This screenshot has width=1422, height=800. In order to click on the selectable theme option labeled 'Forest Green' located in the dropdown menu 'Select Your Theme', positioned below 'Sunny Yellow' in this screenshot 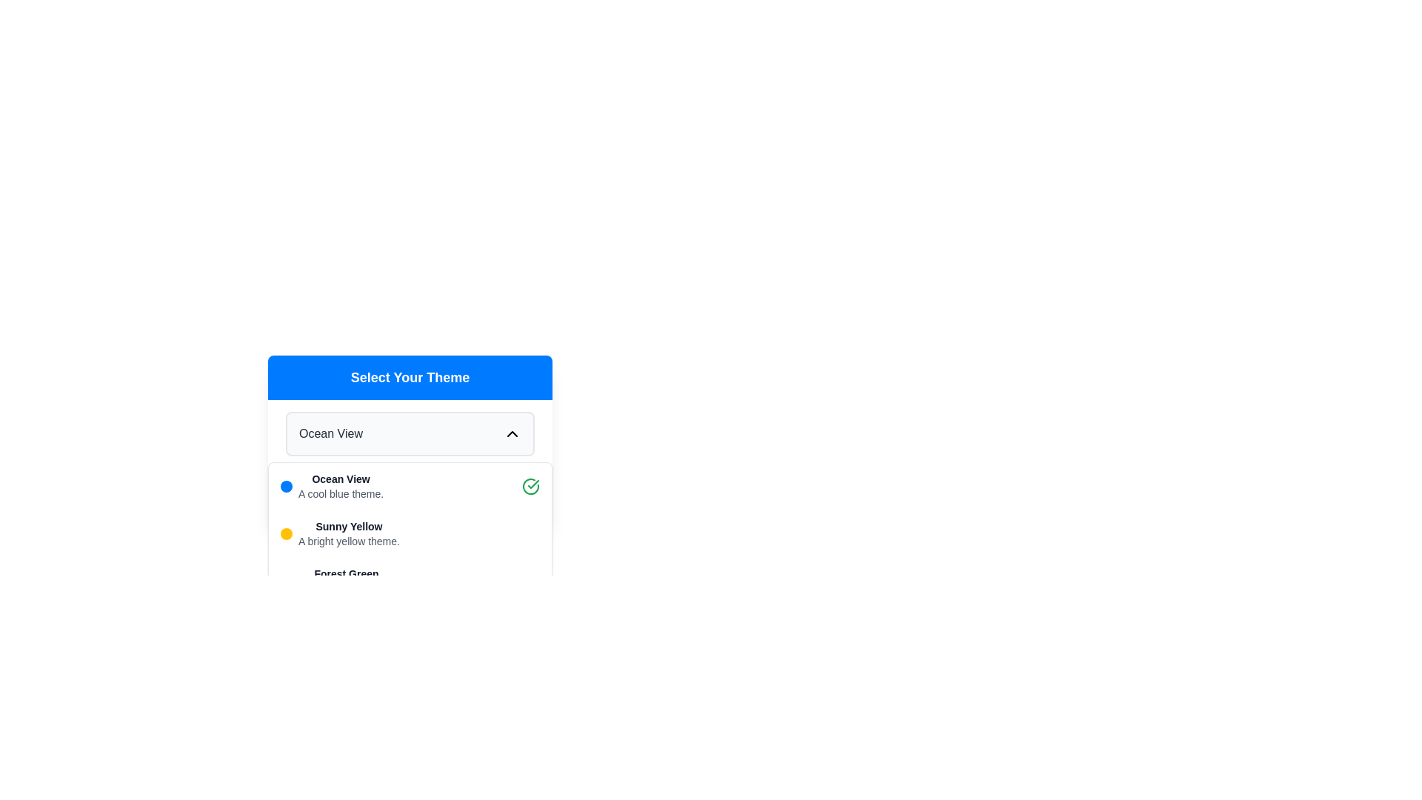, I will do `click(345, 581)`.